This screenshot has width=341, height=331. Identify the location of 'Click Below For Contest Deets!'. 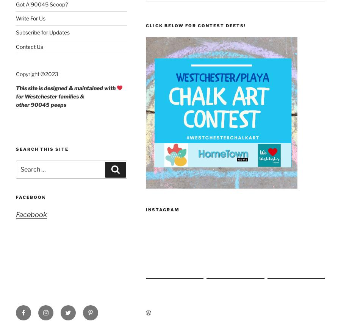
(195, 25).